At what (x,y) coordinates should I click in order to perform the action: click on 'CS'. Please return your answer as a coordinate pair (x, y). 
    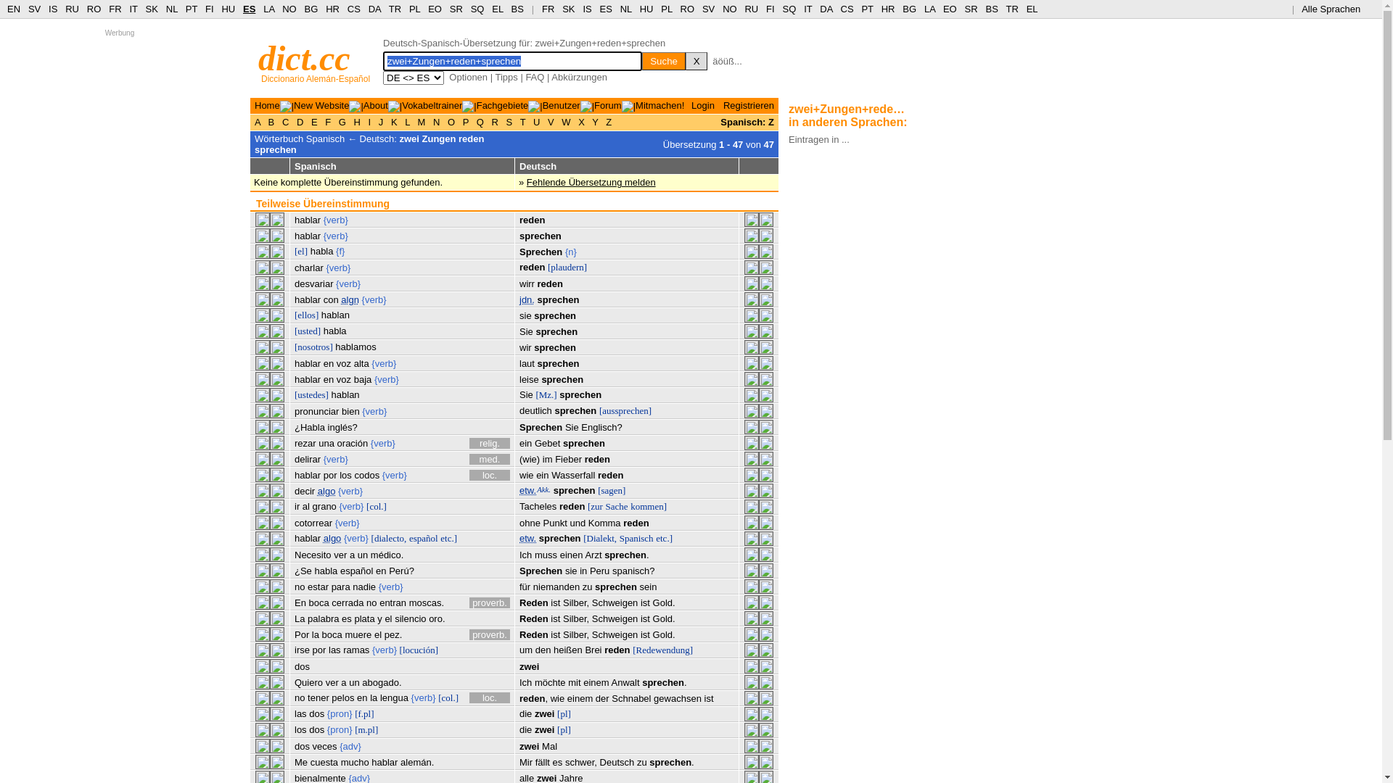
    Looking at the image, I should click on (846, 9).